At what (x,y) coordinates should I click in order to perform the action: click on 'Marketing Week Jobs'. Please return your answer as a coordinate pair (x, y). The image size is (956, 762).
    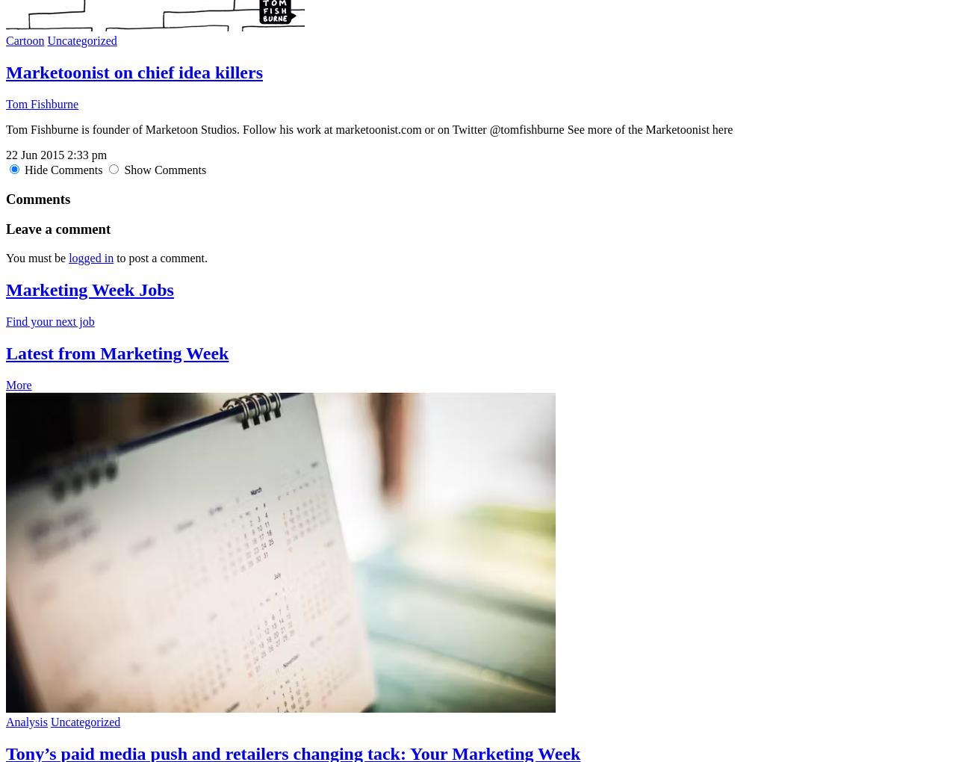
    Looking at the image, I should click on (89, 288).